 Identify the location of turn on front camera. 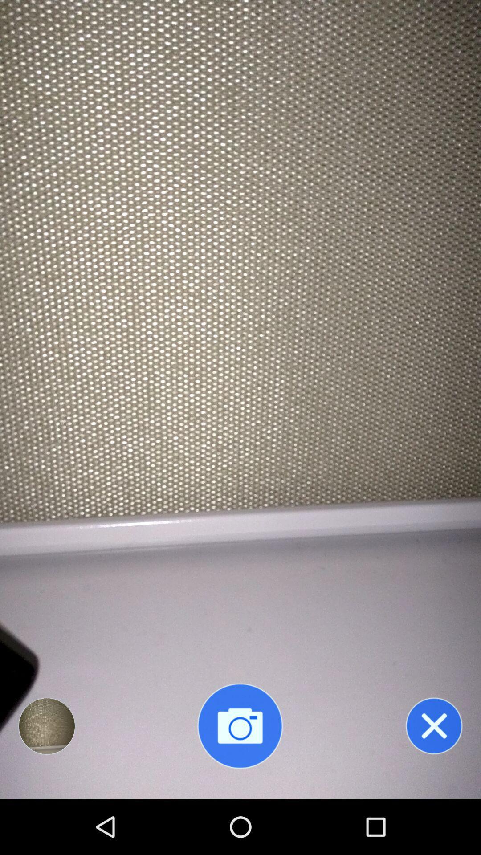
(240, 726).